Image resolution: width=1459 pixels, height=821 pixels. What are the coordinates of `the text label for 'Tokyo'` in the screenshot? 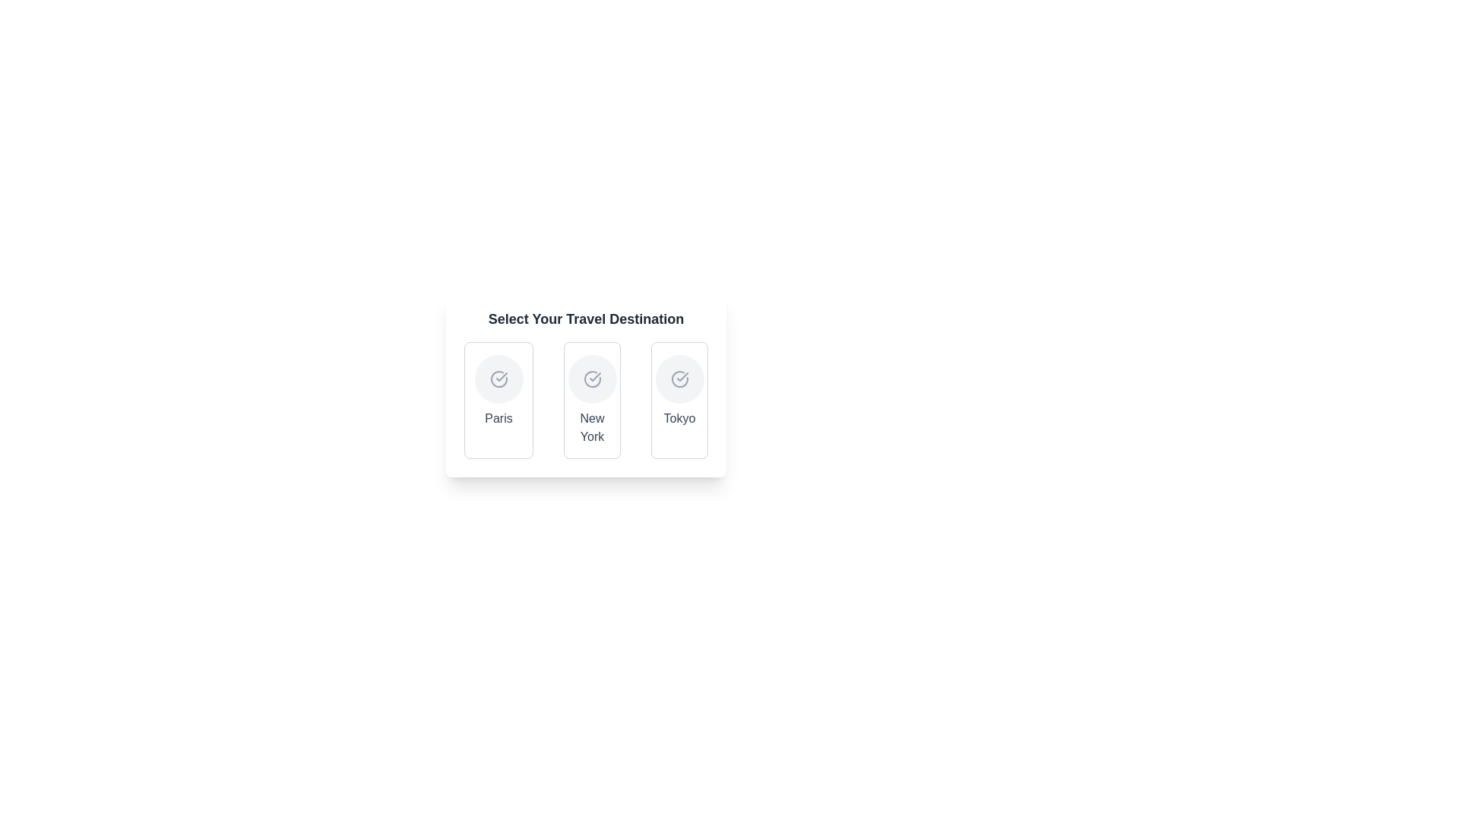 It's located at (679, 419).